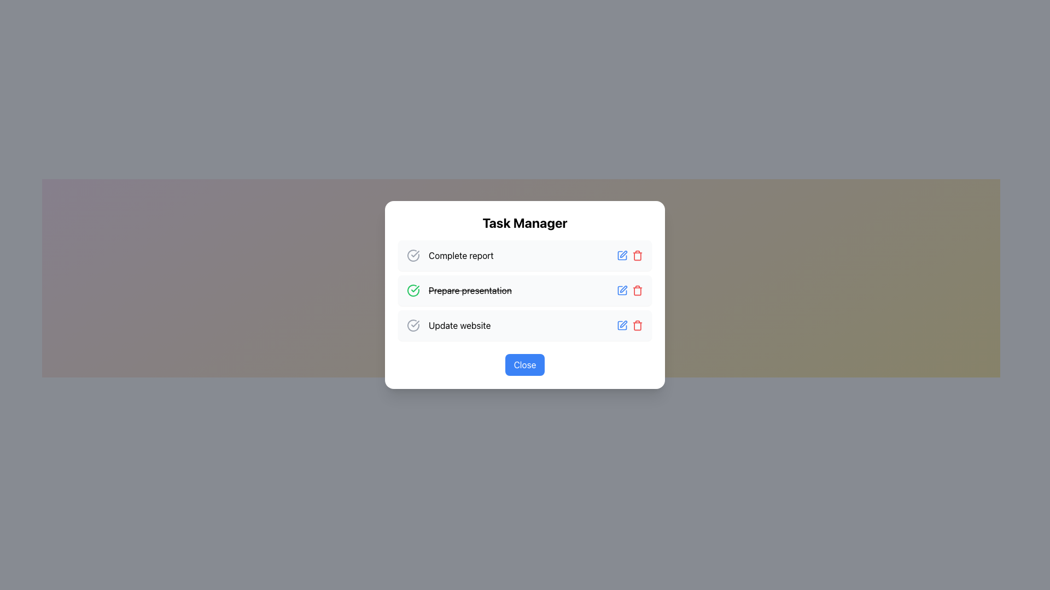 Image resolution: width=1050 pixels, height=590 pixels. I want to click on the status icon located to the left of the 'Complete report' text, which visually indicates completion or selection, so click(412, 255).